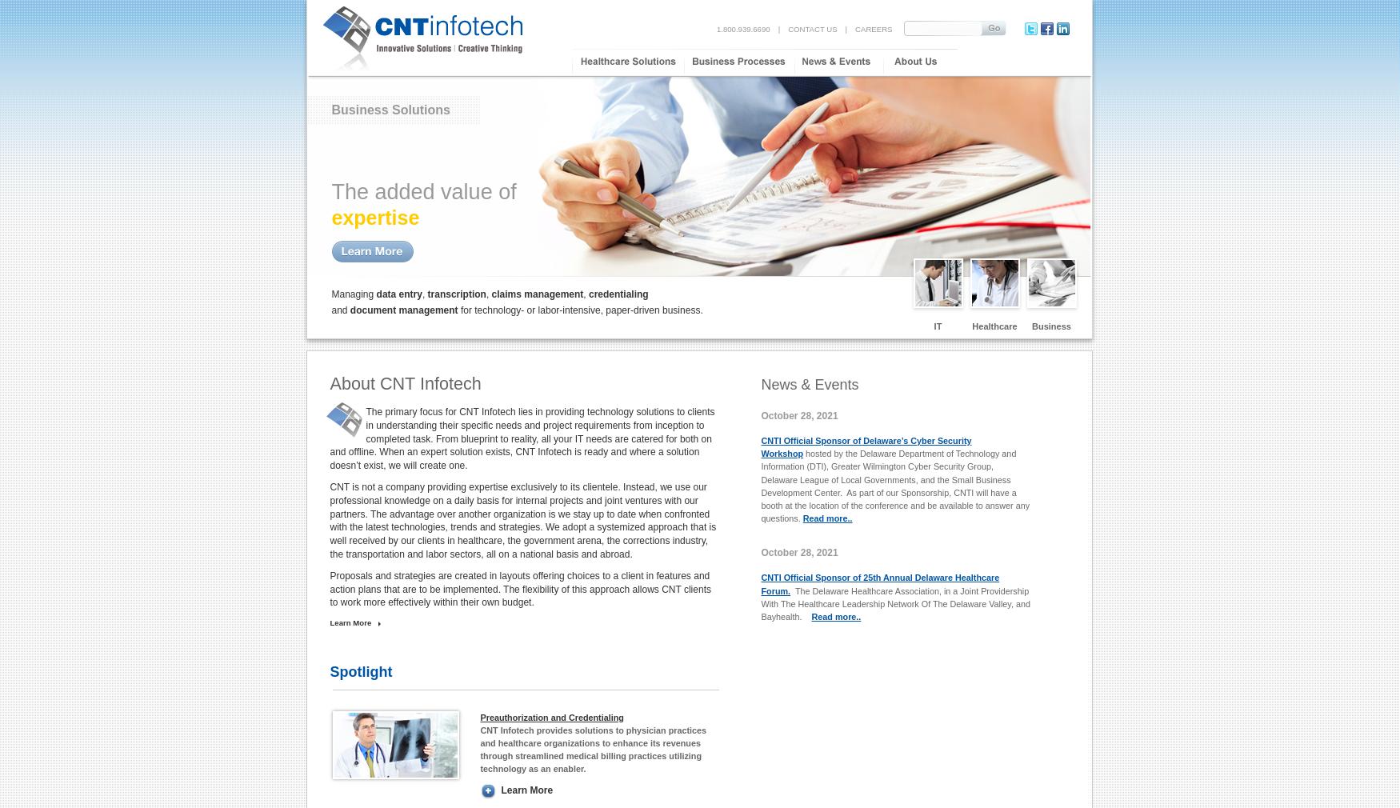  I want to click on 'Business Solutions', so click(330, 109).